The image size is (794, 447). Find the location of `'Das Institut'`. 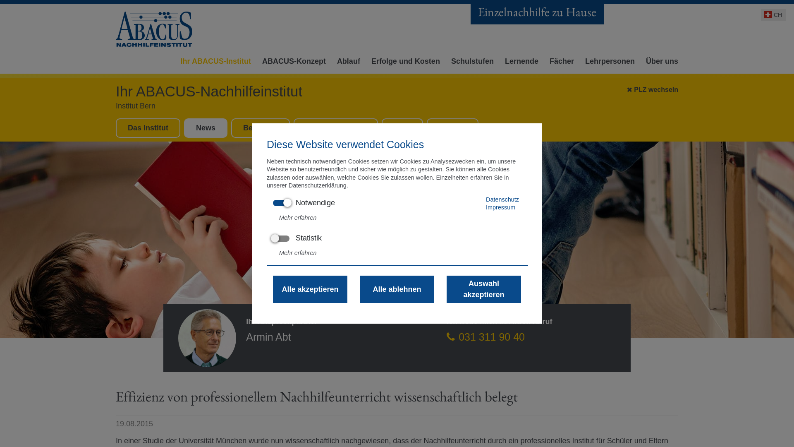

'Das Institut' is located at coordinates (148, 127).